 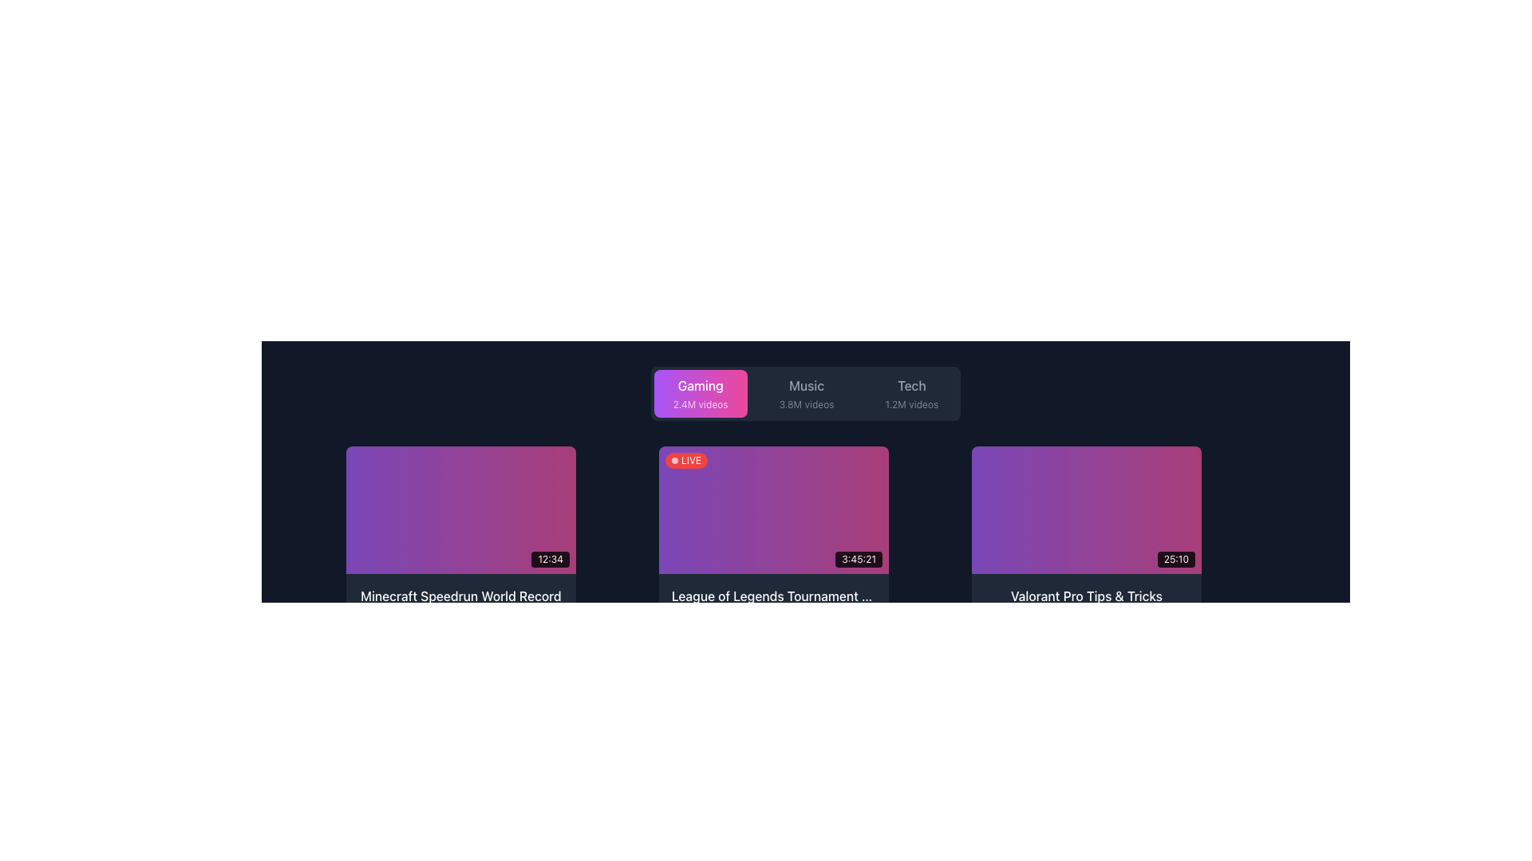 What do you see at coordinates (911, 404) in the screenshot?
I see `the text label displaying '1.2M videos', which is positioned below 'Tech' and adjacent to 'Music'` at bounding box center [911, 404].